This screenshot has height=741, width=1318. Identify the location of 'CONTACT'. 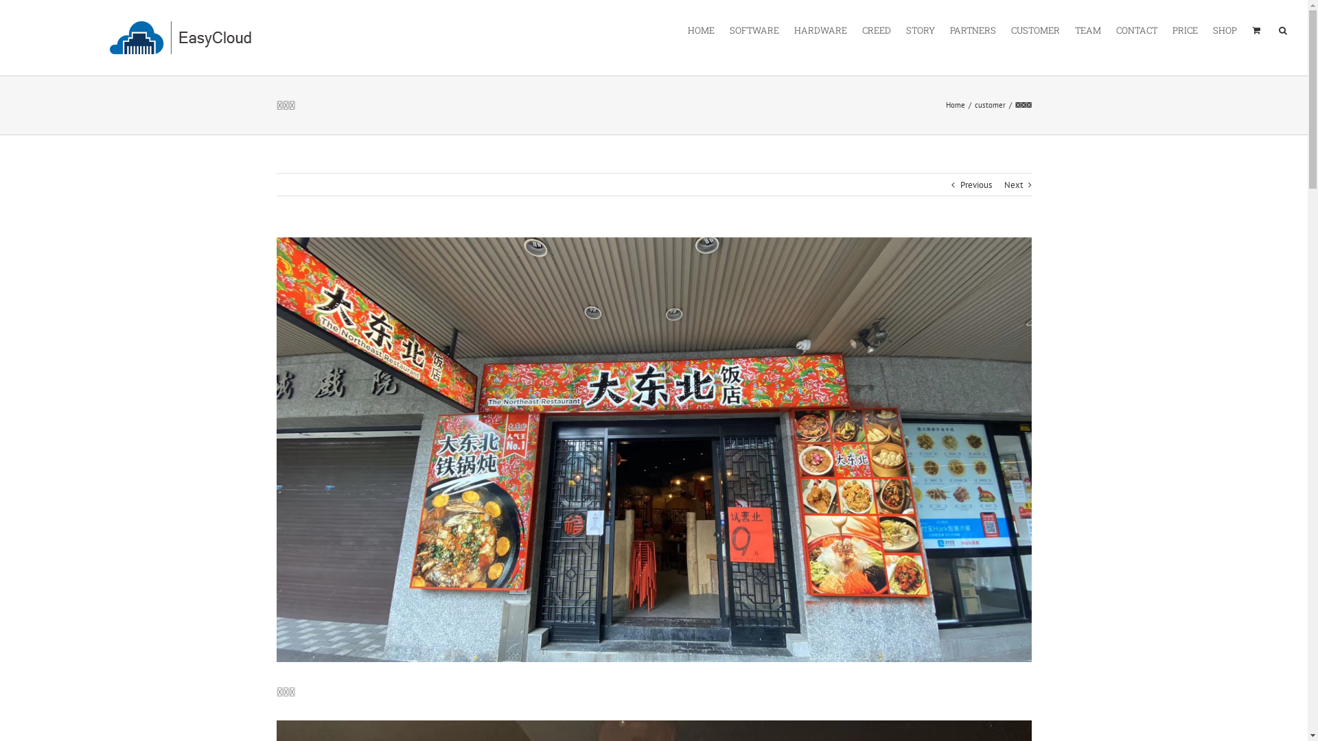
(1137, 29).